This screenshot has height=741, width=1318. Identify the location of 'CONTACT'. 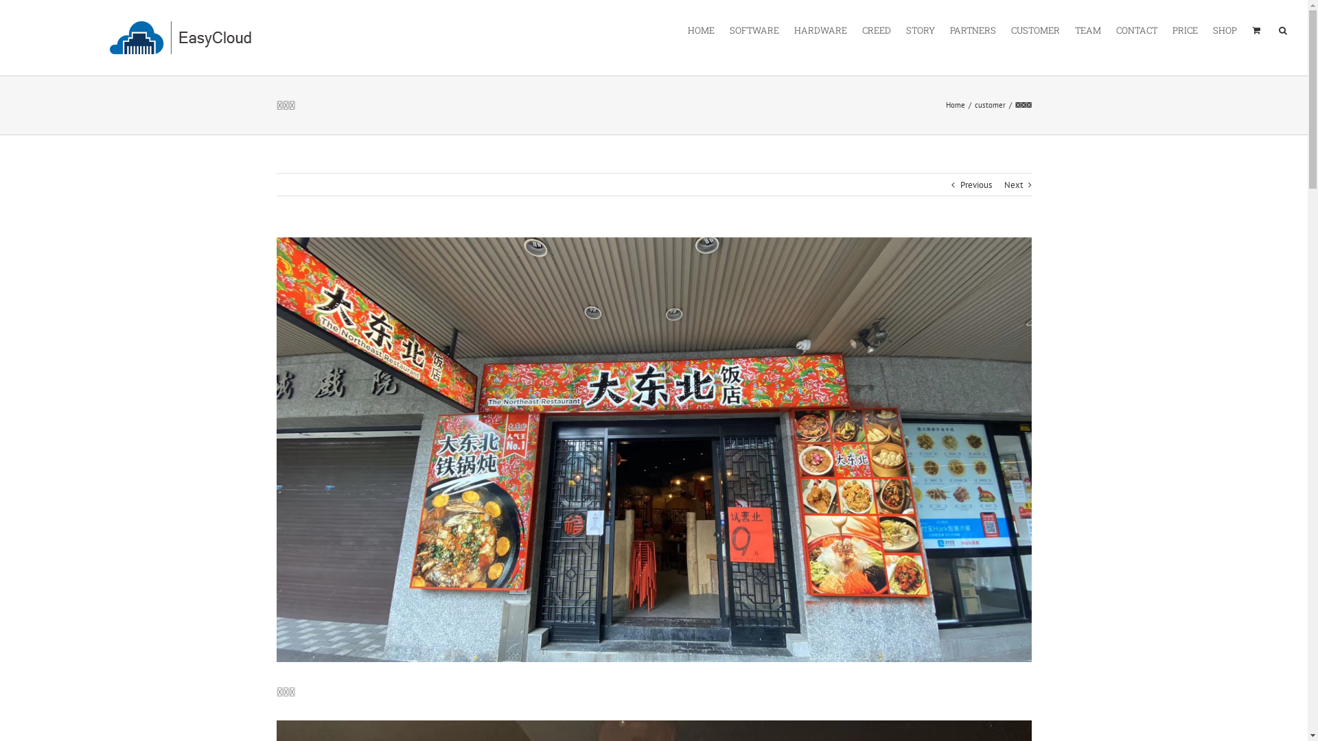
(1137, 29).